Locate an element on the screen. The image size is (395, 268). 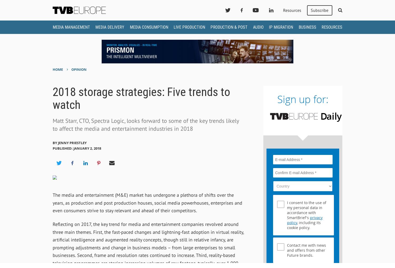
'The media and entertainment (M&E) market has undergone a plethora of shifts over the years, as production and post production houses, social media powerhouses, enterprises and even consumers strive to stay relevant and ahead of their competitors.' is located at coordinates (147, 202).